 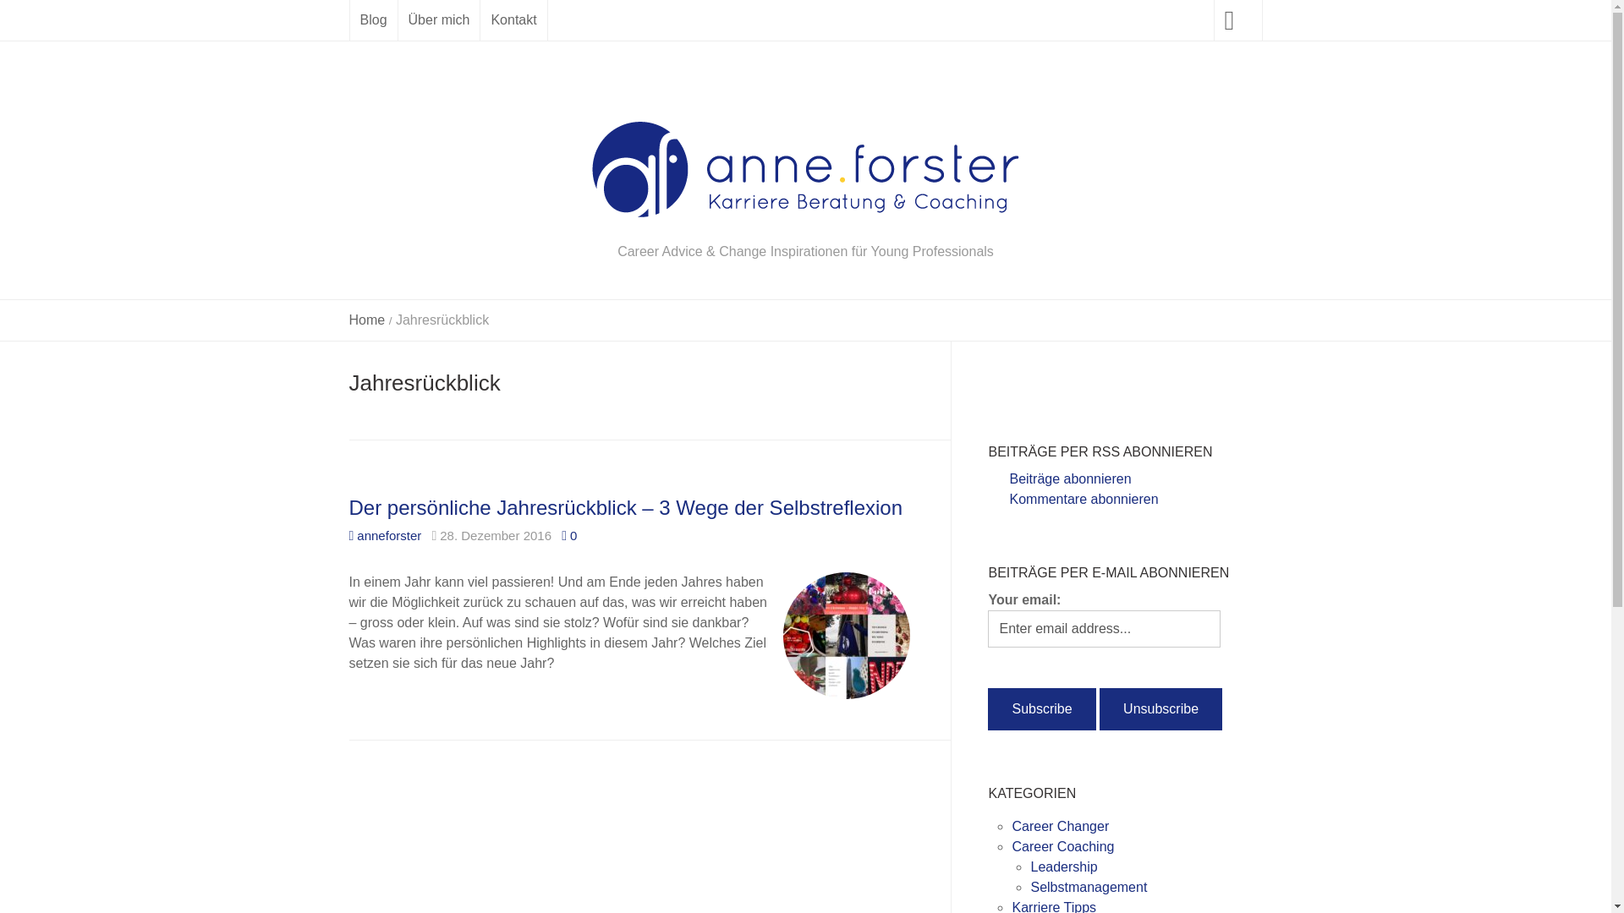 What do you see at coordinates (1088, 886) in the screenshot?
I see `'Selbstmanagement'` at bounding box center [1088, 886].